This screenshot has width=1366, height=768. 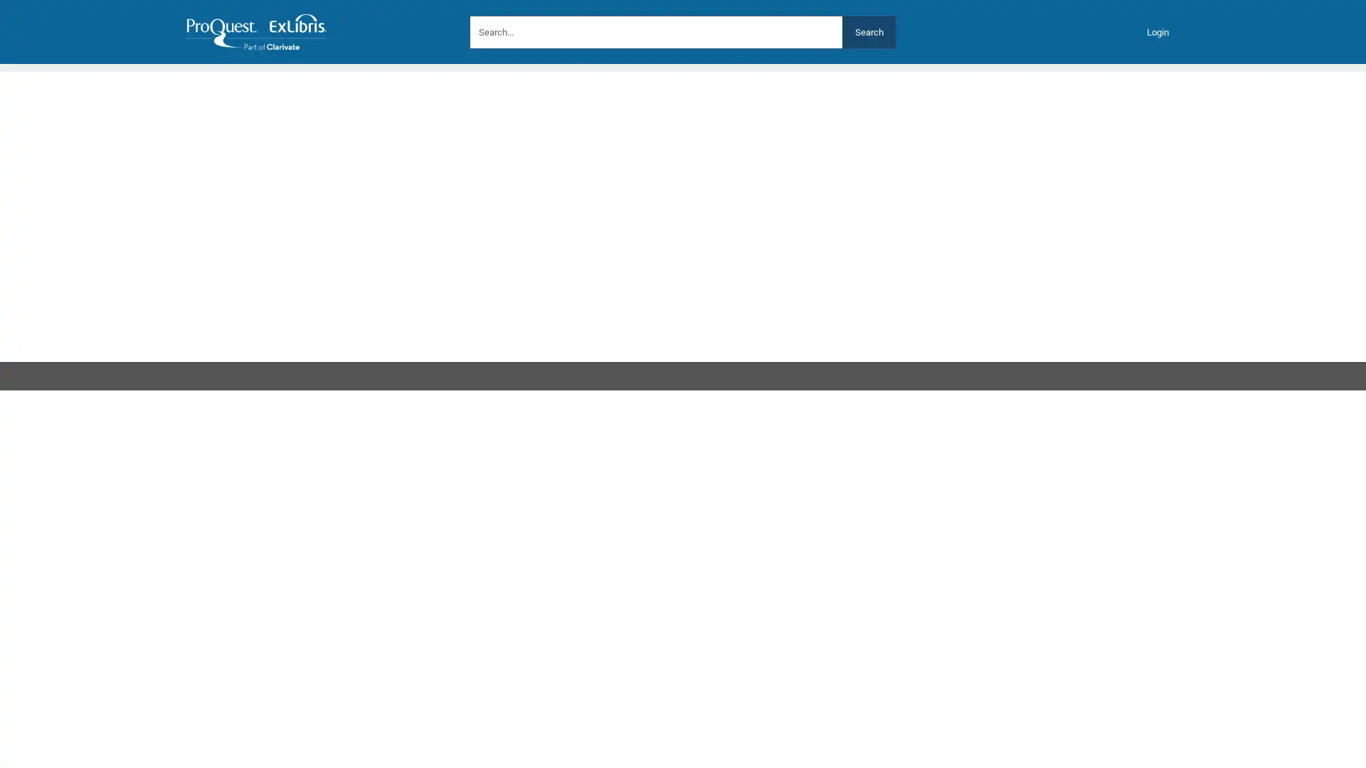 I want to click on Contact Us, so click(x=433, y=81).